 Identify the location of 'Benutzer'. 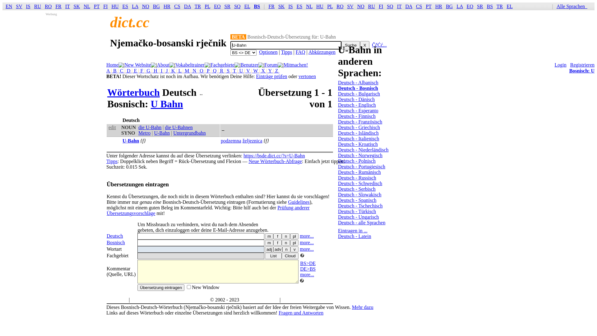
(249, 65).